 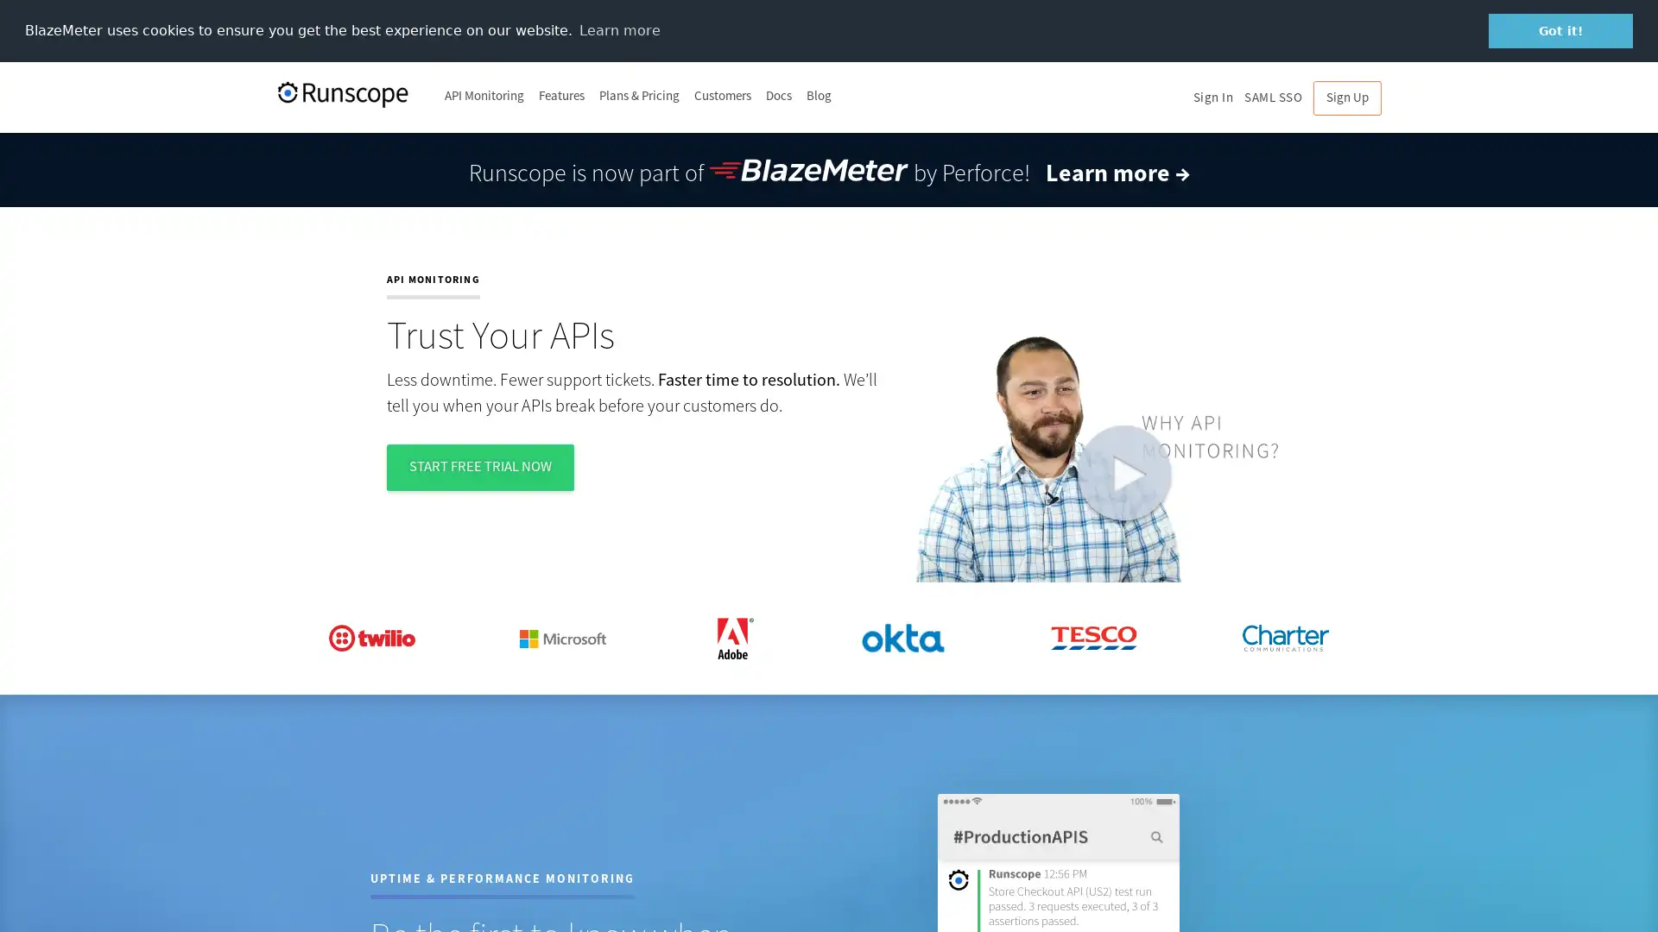 I want to click on dismiss cookie message, so click(x=1560, y=30).